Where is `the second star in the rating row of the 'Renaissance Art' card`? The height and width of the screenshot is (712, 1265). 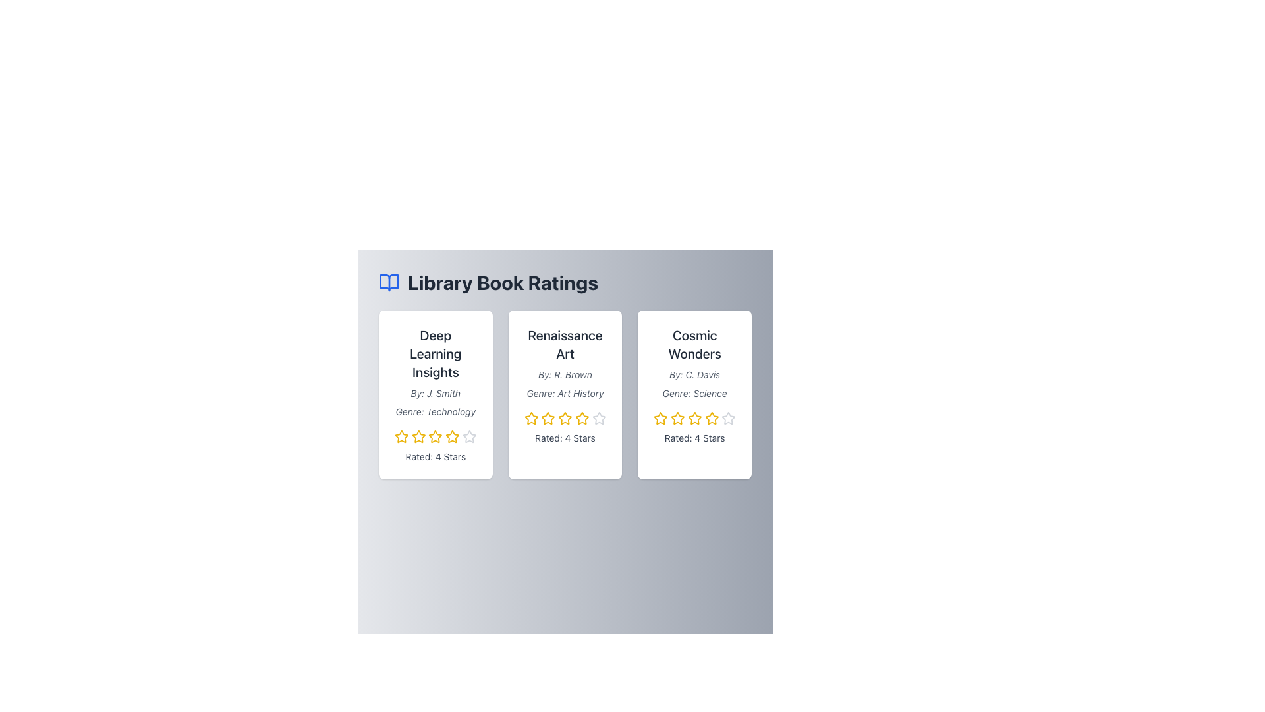
the second star in the rating row of the 'Renaissance Art' card is located at coordinates (548, 418).